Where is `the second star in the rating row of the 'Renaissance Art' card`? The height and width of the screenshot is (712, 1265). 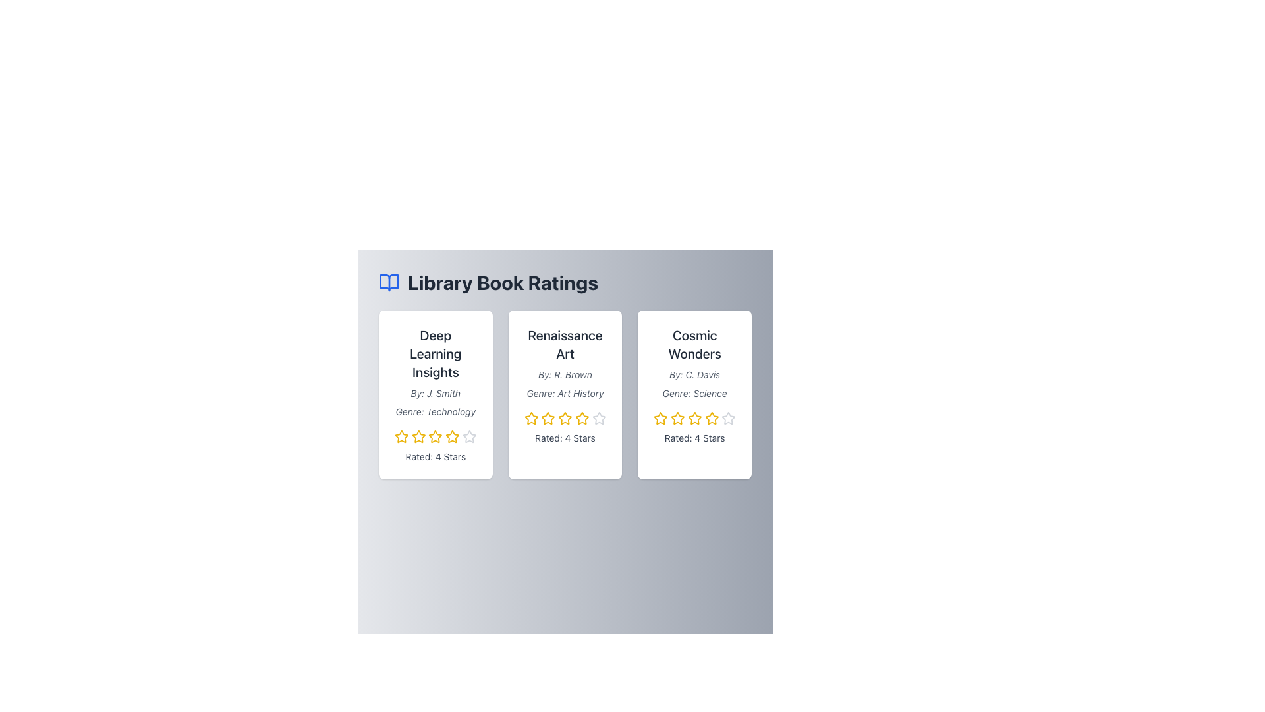
the second star in the rating row of the 'Renaissance Art' card is located at coordinates (548, 418).